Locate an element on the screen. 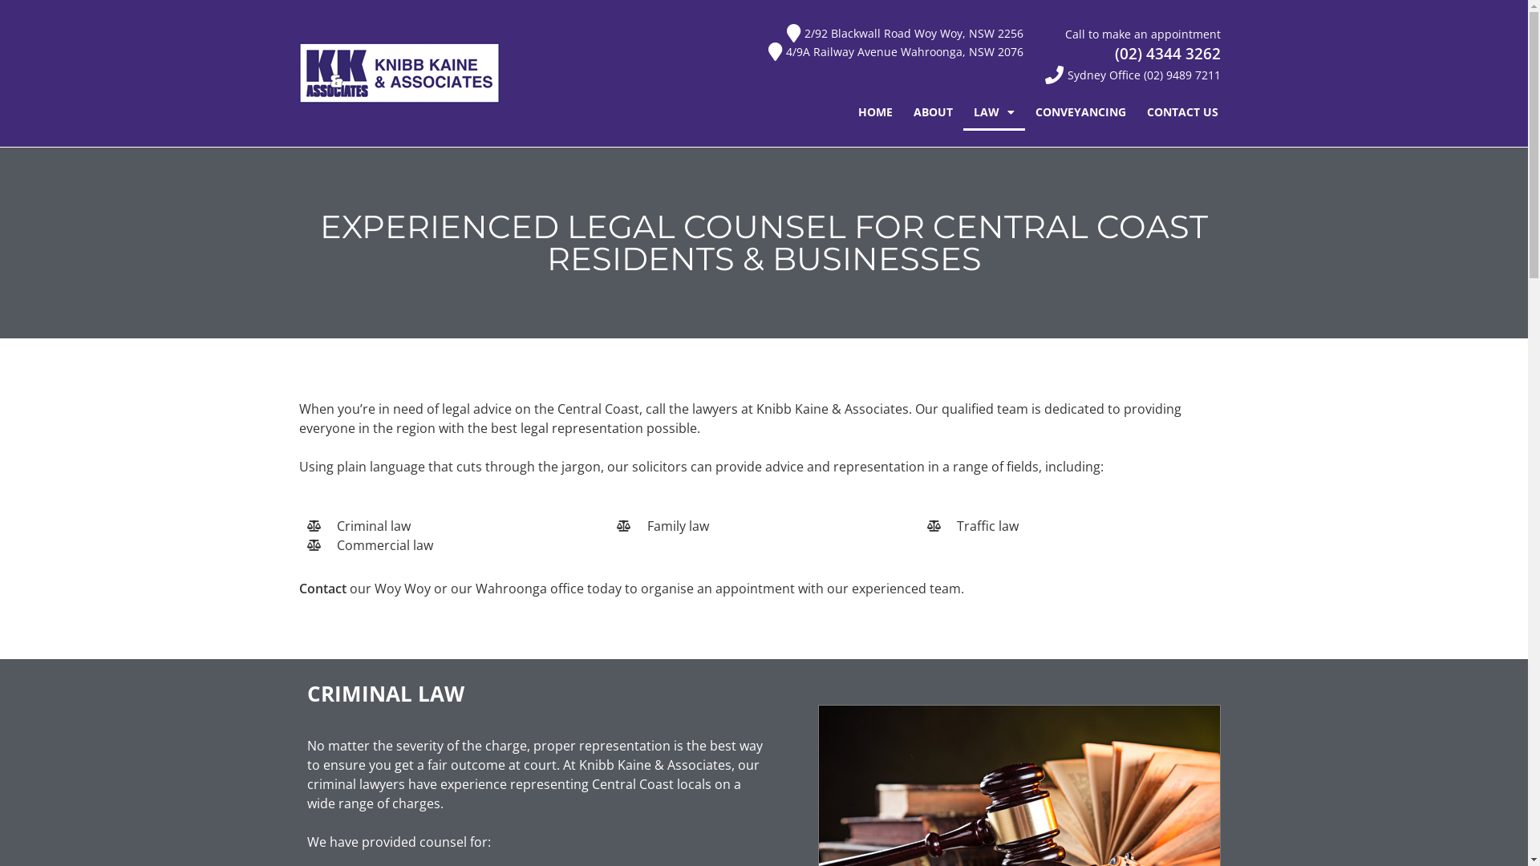 This screenshot has height=866, width=1540. '(02) 4344 3262' is located at coordinates (1114, 52).